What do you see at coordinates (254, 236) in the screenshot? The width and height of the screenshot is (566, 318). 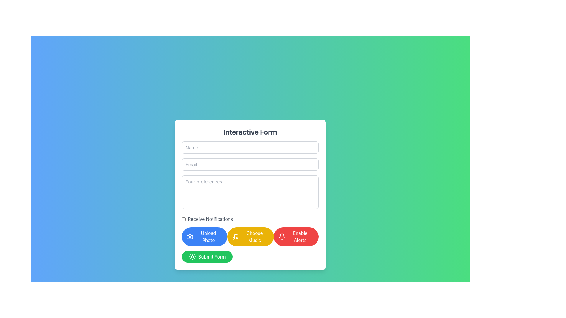 I see `the 'Choose Music' text label, which is part of a yellow rounded rectangular button located between the 'Upload Photo' button and the 'Enable Alerts' button` at bounding box center [254, 236].